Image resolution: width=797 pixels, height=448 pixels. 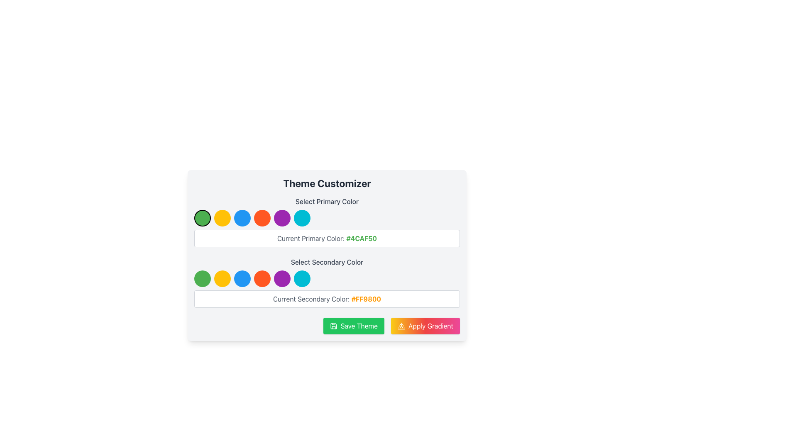 What do you see at coordinates (242, 278) in the screenshot?
I see `the small circular blue button, which is the third button from the left in the 'Select Secondary Color' section of the theme customizer interface` at bounding box center [242, 278].